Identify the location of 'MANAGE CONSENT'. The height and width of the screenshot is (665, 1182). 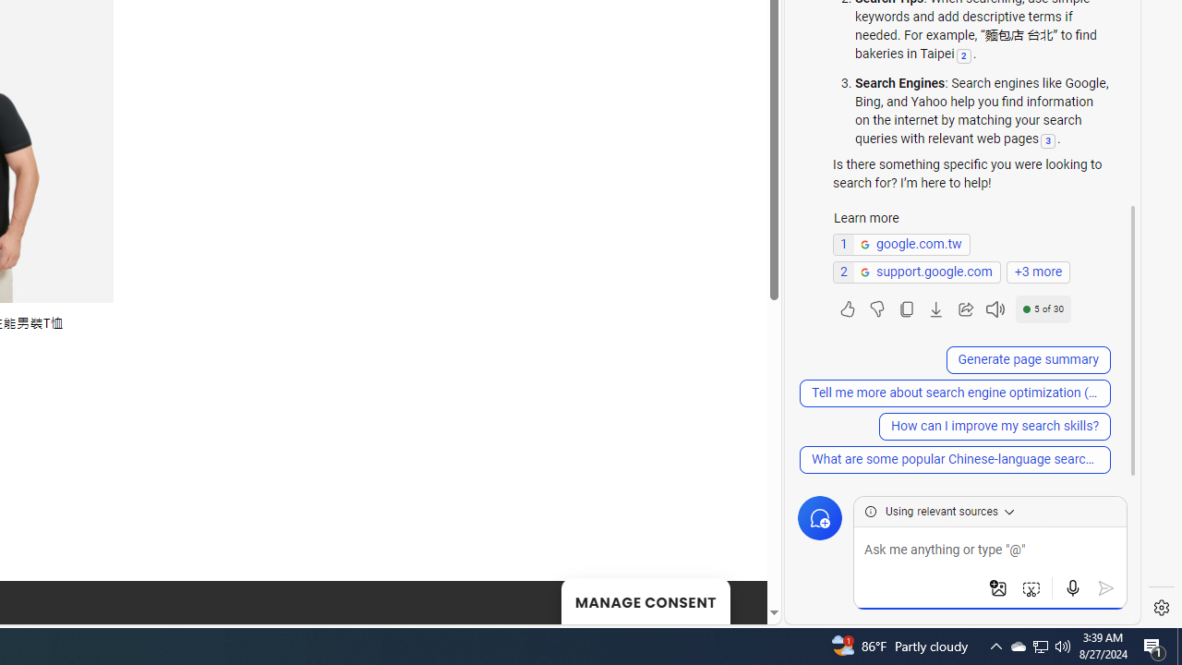
(645, 600).